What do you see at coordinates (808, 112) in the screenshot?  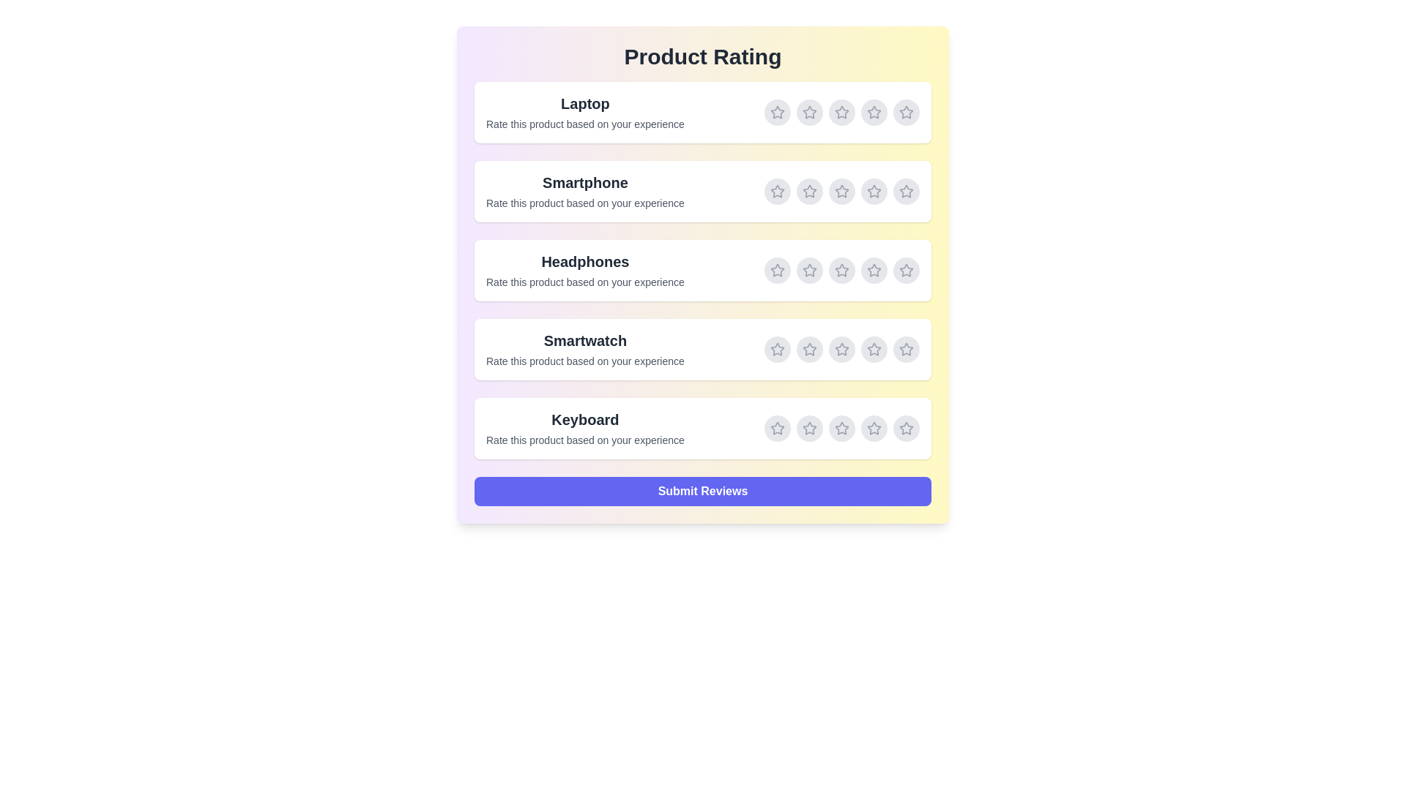 I see `the rating for Laptop to 2 stars` at bounding box center [808, 112].